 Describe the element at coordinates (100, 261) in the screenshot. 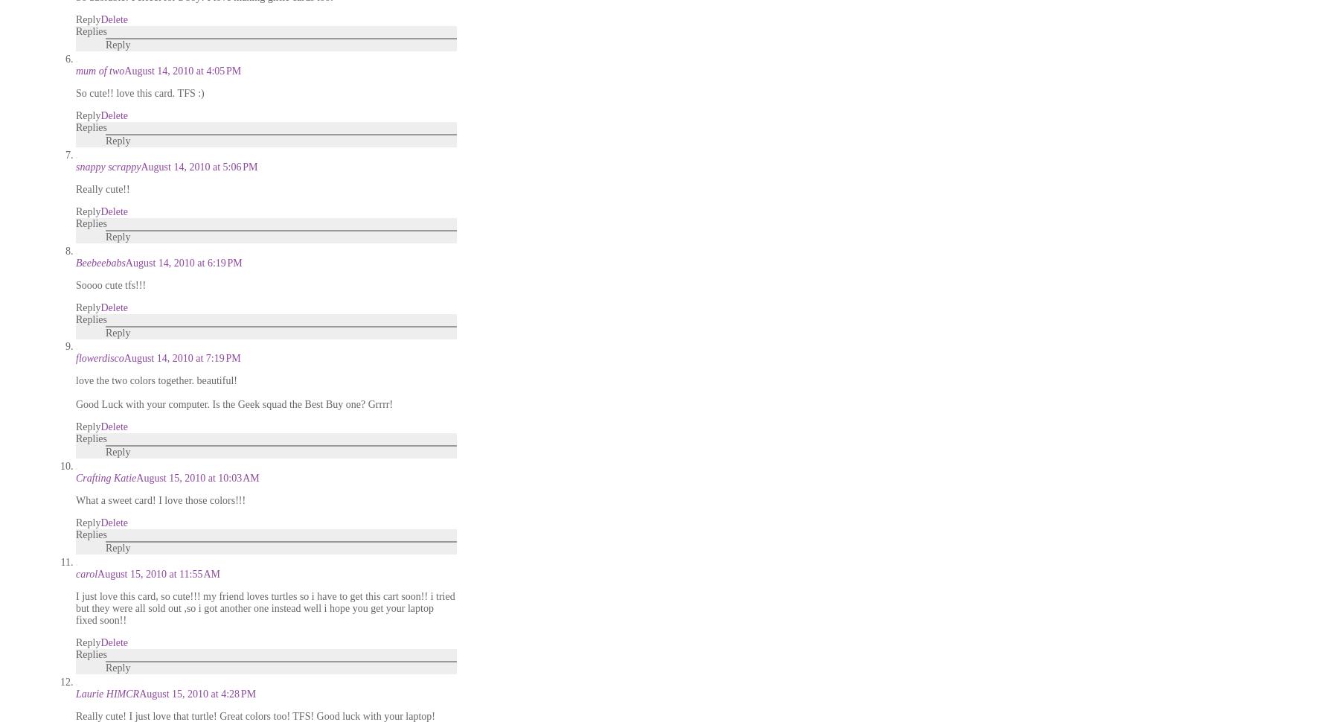

I see `'Beebeebabs'` at that location.